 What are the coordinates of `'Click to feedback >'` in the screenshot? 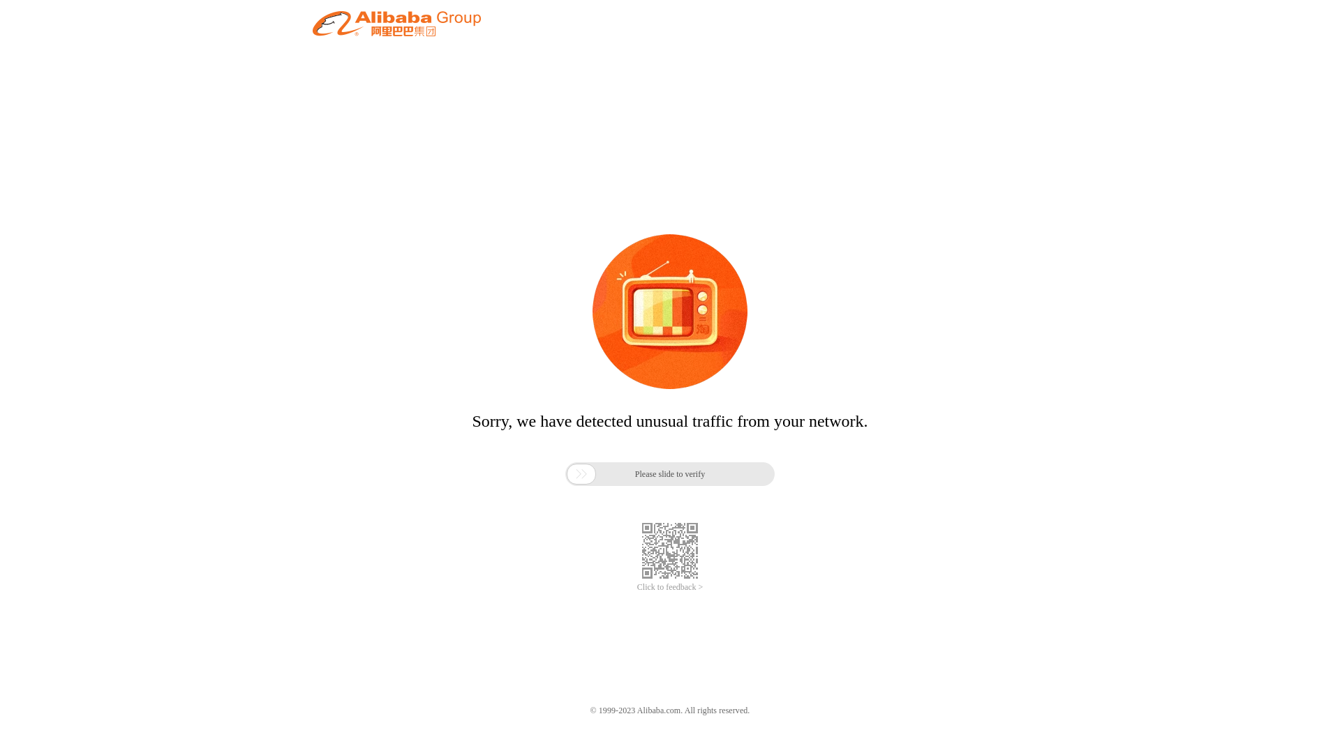 It's located at (670, 587).